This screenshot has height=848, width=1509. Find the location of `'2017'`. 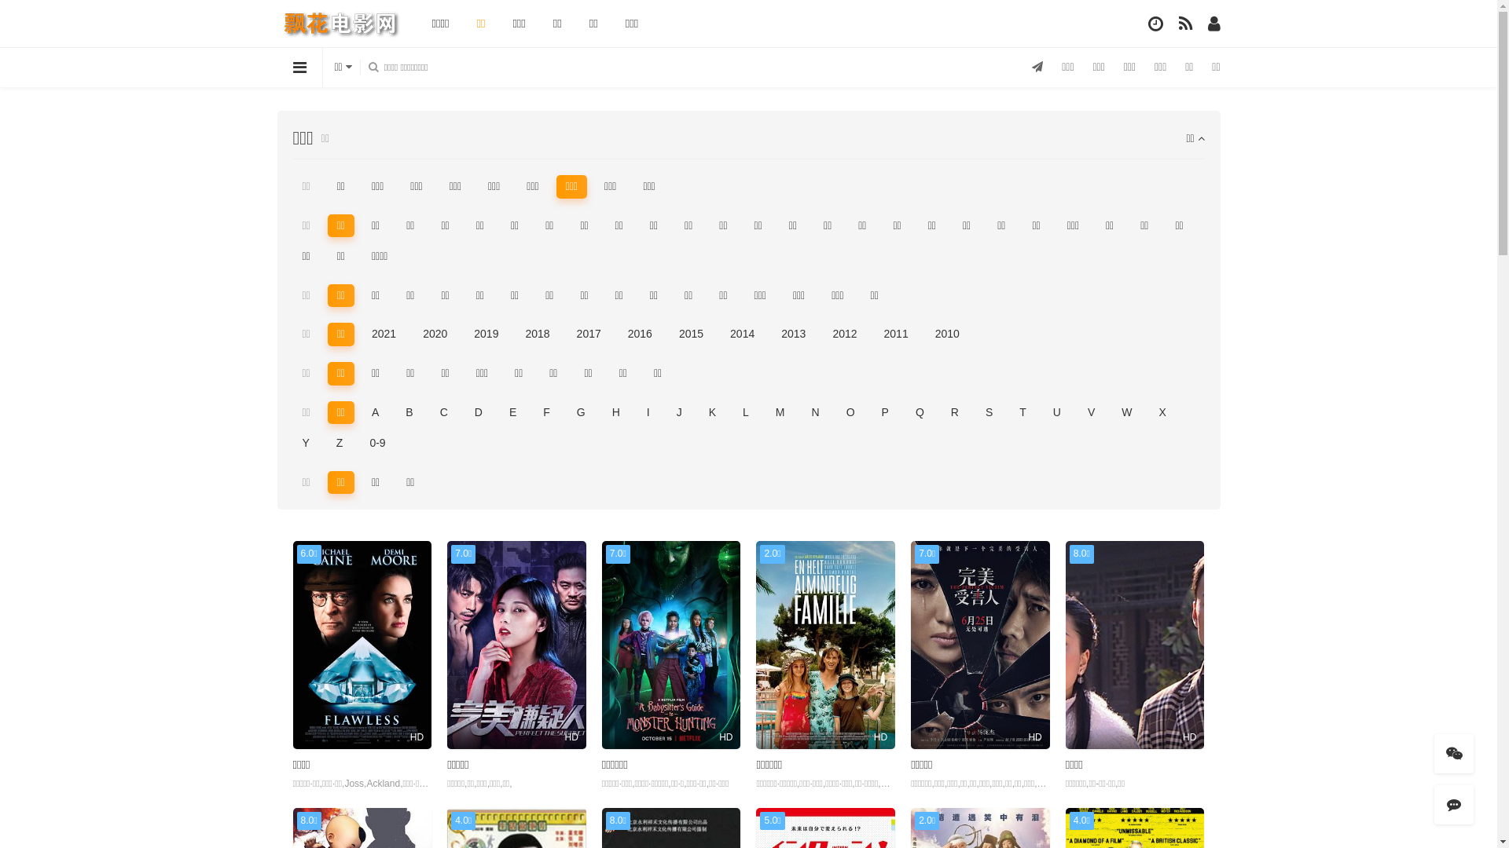

'2017' is located at coordinates (566, 333).